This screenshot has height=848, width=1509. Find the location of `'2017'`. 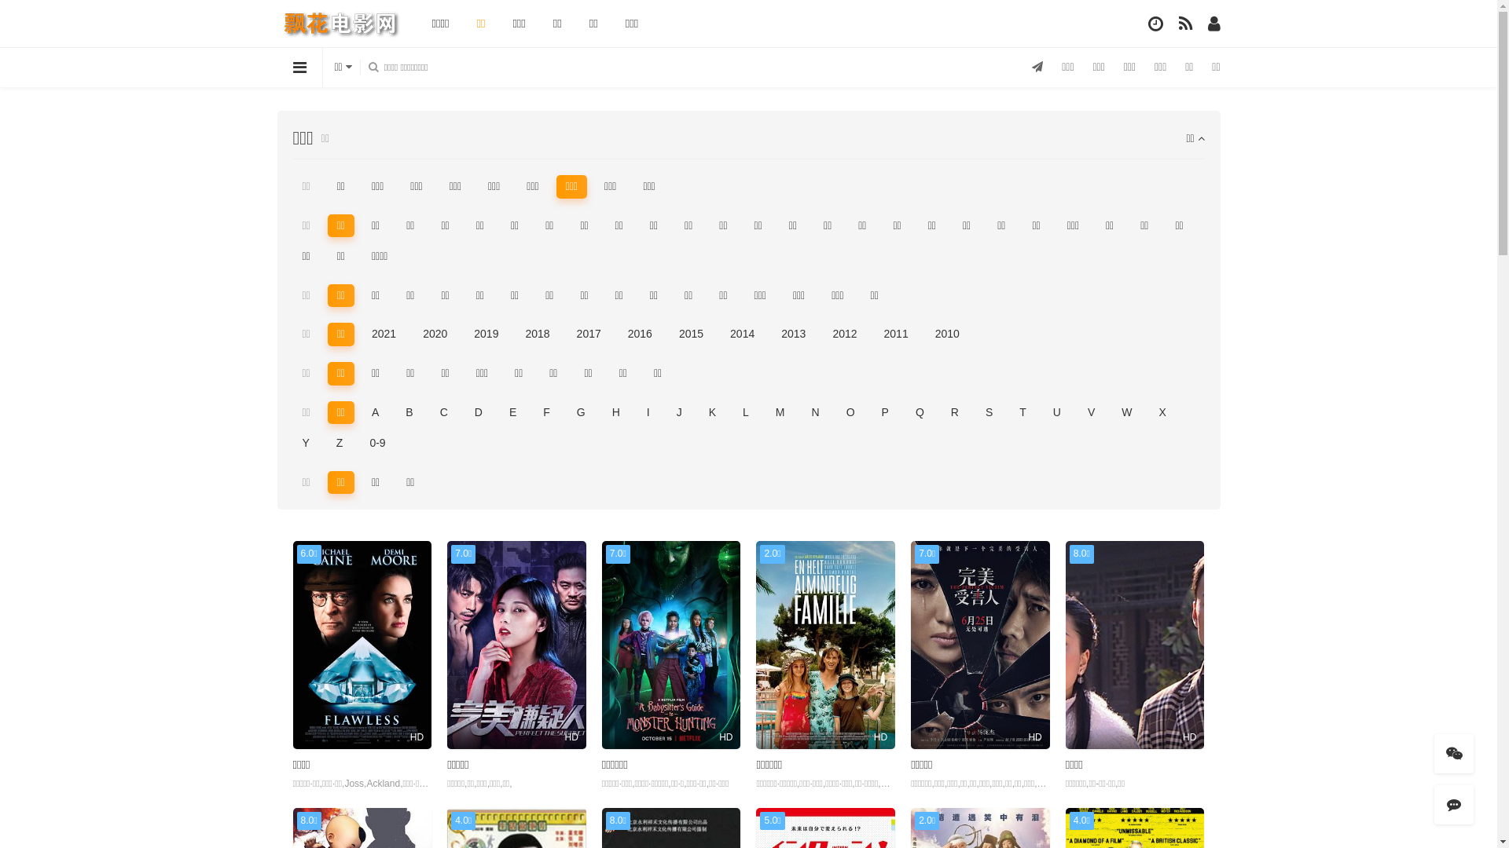

'2017' is located at coordinates (566, 333).